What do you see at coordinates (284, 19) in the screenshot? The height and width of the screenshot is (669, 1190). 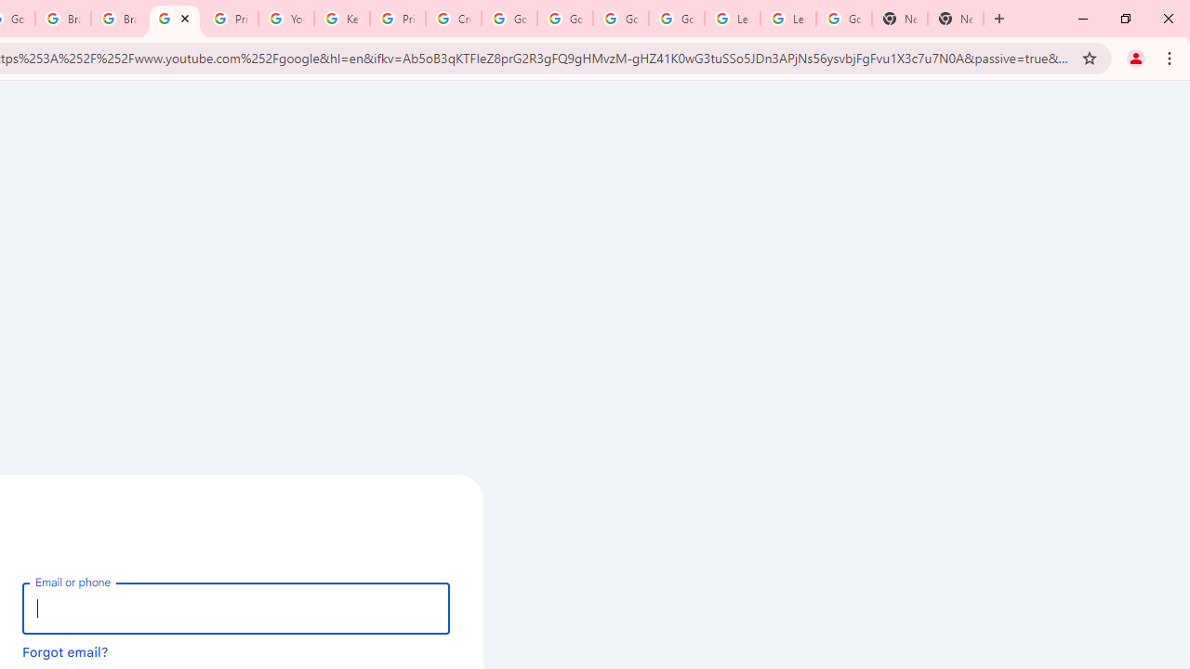 I see `'YouTube'` at bounding box center [284, 19].